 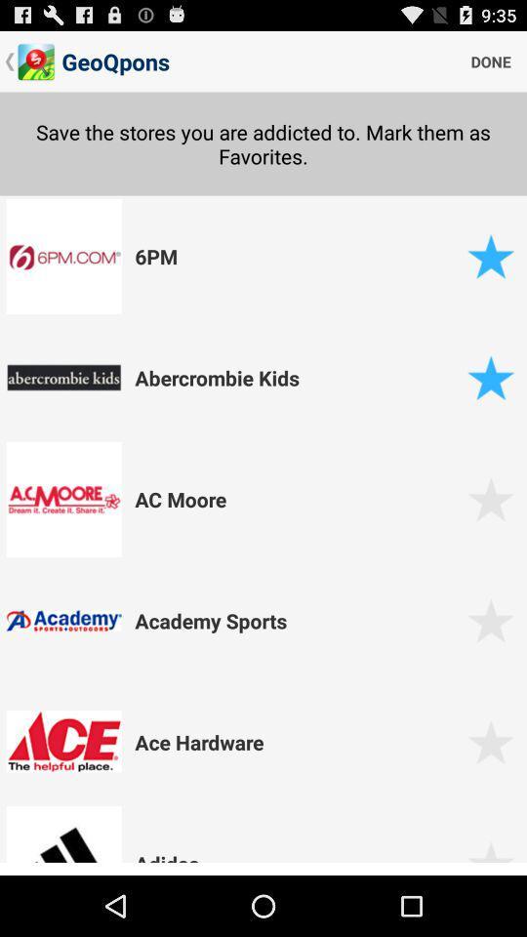 What do you see at coordinates (298, 620) in the screenshot?
I see `academy sports` at bounding box center [298, 620].